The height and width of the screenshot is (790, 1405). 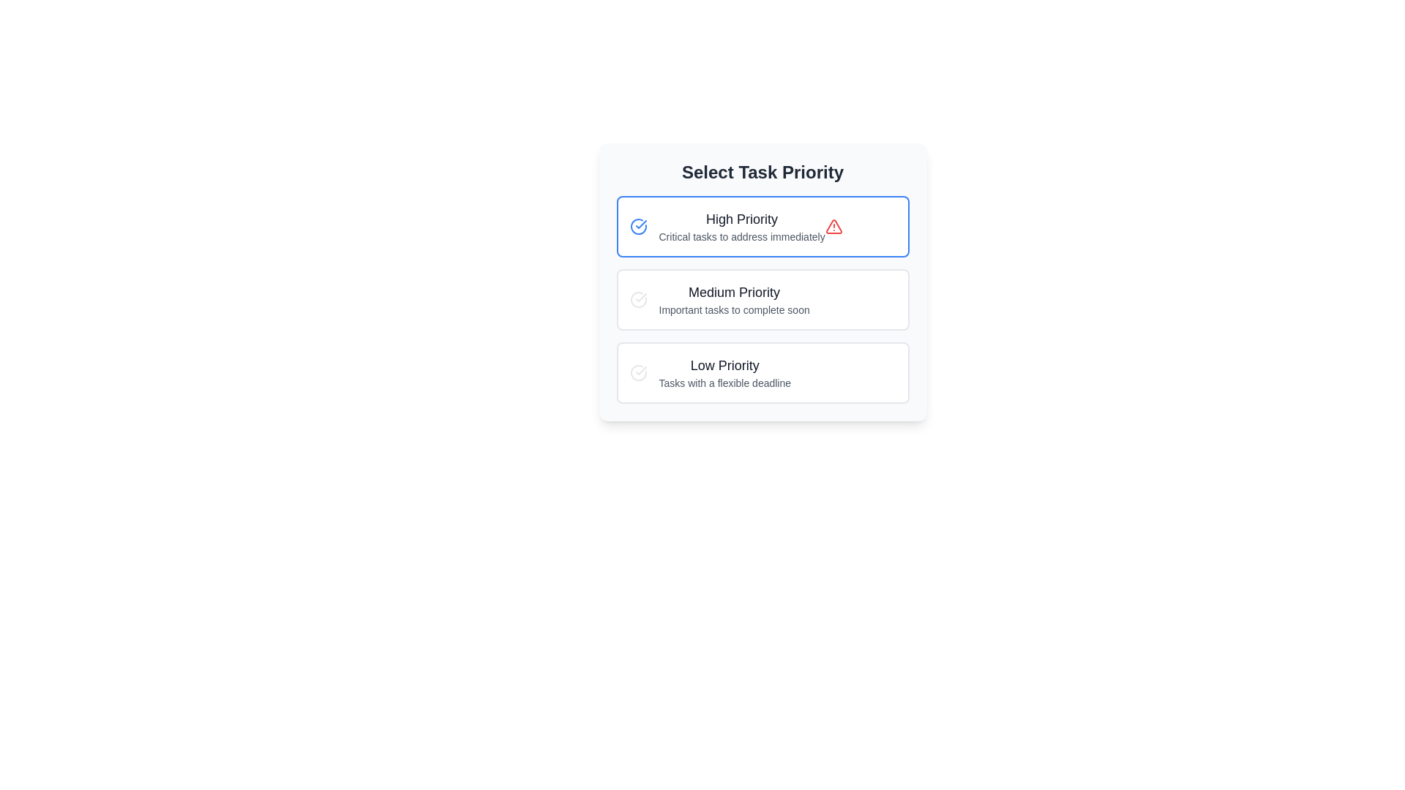 What do you see at coordinates (762, 298) in the screenshot?
I see `the 'Medium Priority' task element located in the 'Select Task Priority' group` at bounding box center [762, 298].